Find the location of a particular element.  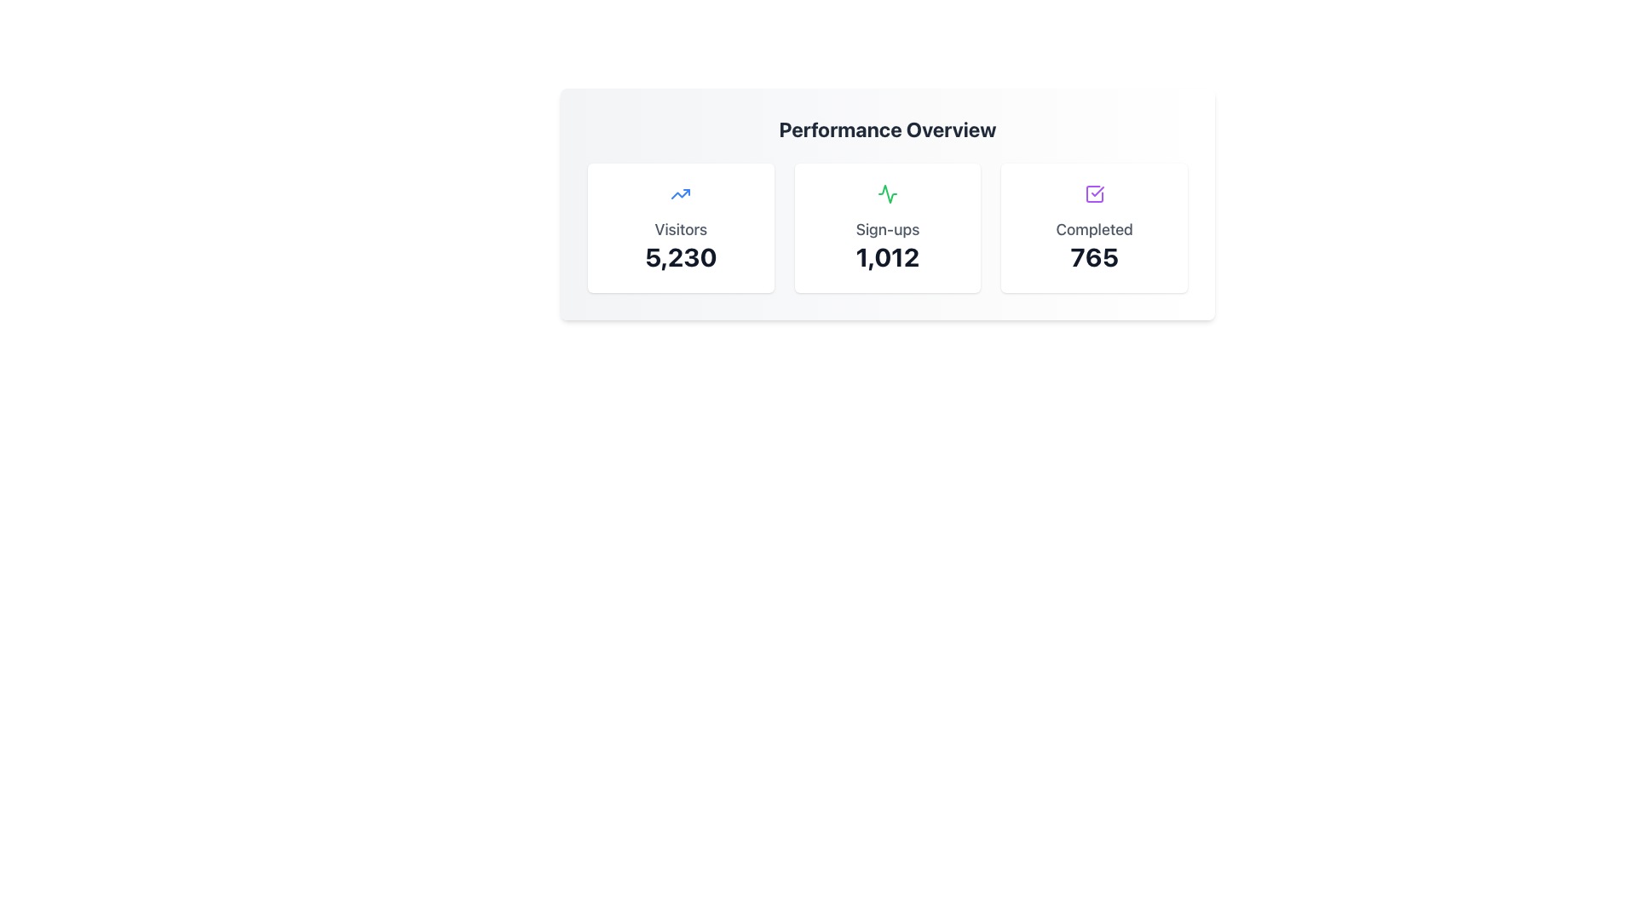

the icon associated with the 'Completed' card, located at the top center above the 'Completed' text is located at coordinates (1094, 193).